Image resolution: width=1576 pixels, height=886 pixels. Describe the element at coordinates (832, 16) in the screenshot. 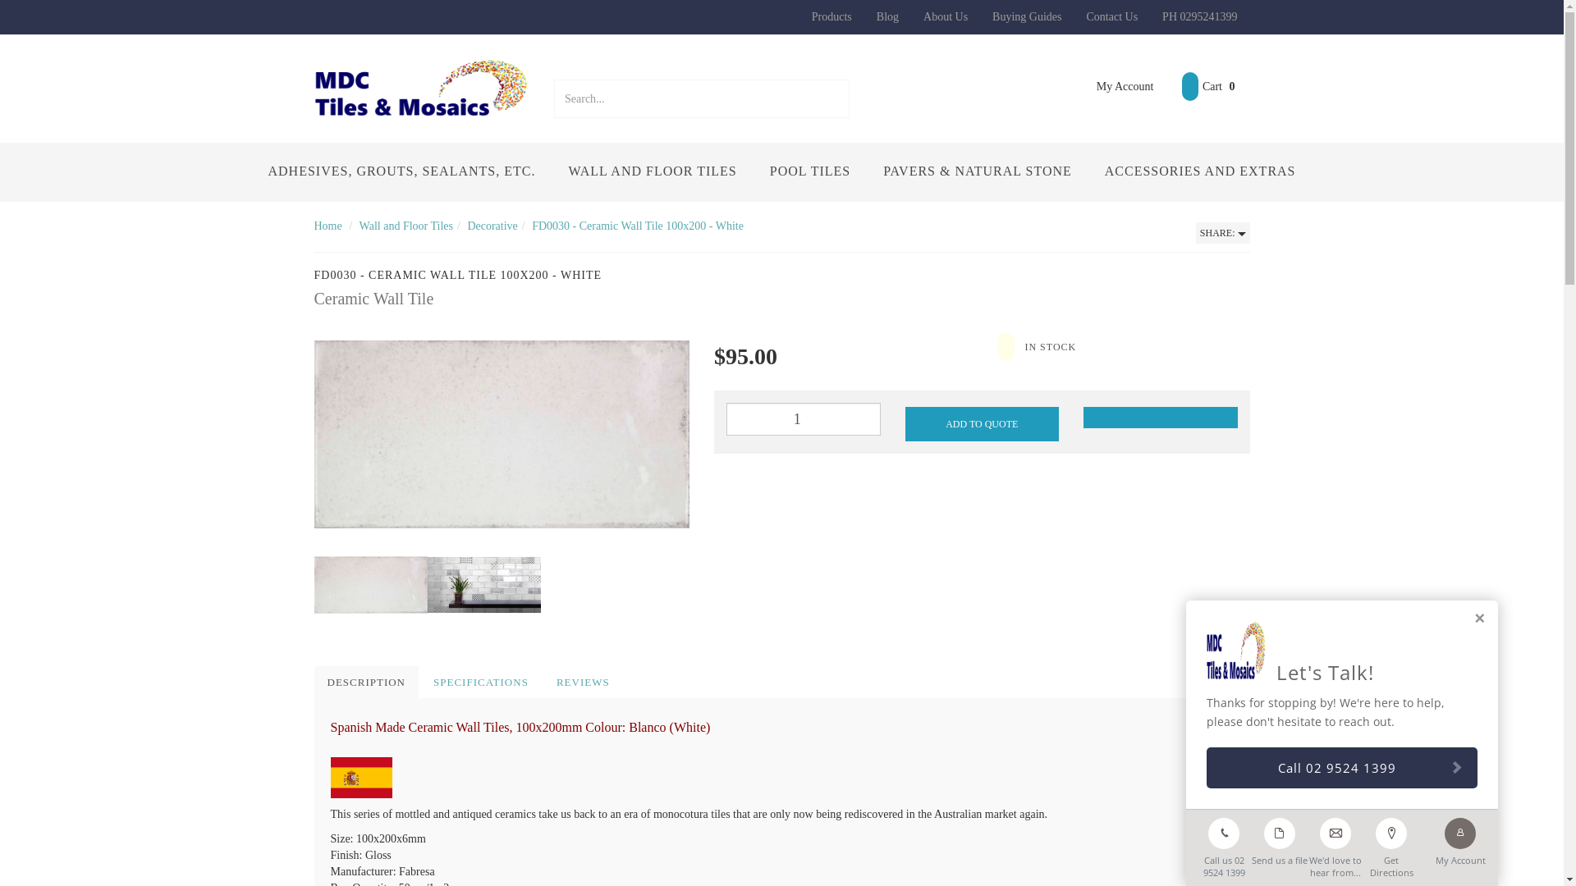

I see `'Products'` at that location.